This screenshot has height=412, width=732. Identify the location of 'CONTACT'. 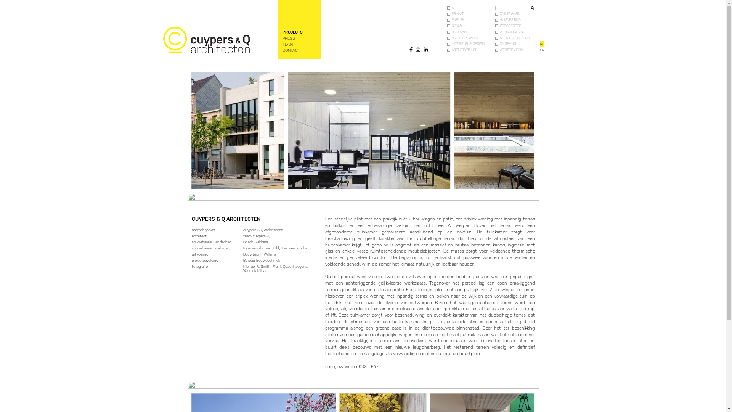
(291, 50).